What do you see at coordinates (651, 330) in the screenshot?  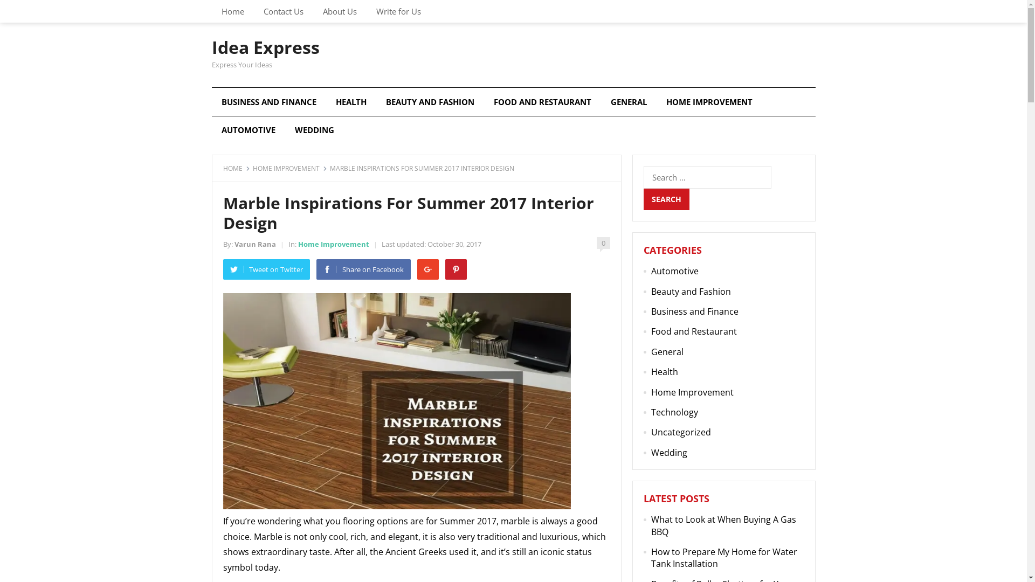 I see `'Food and Restaurant'` at bounding box center [651, 330].